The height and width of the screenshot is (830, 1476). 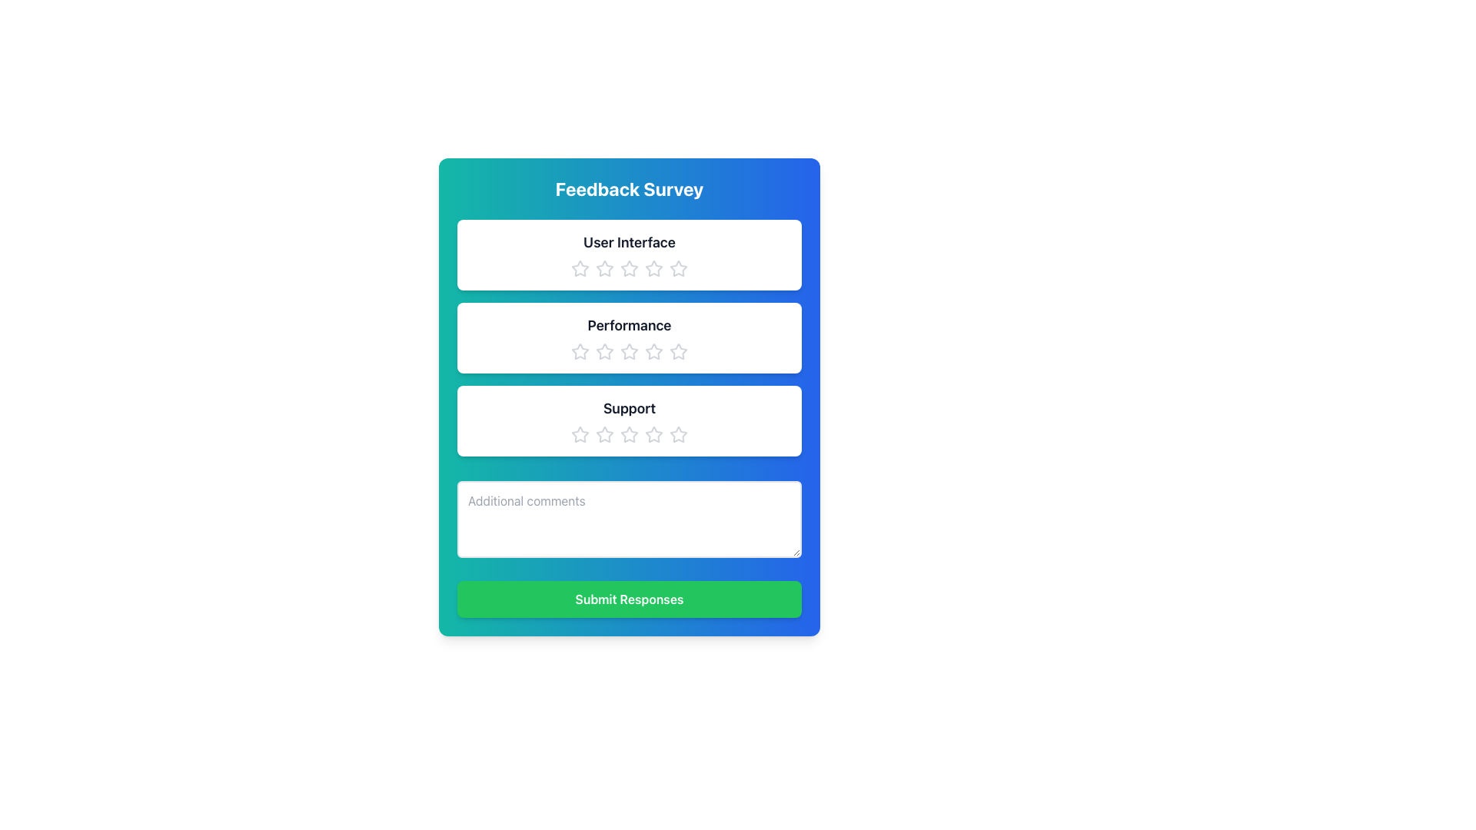 What do you see at coordinates (677, 433) in the screenshot?
I see `the third star icon` at bounding box center [677, 433].